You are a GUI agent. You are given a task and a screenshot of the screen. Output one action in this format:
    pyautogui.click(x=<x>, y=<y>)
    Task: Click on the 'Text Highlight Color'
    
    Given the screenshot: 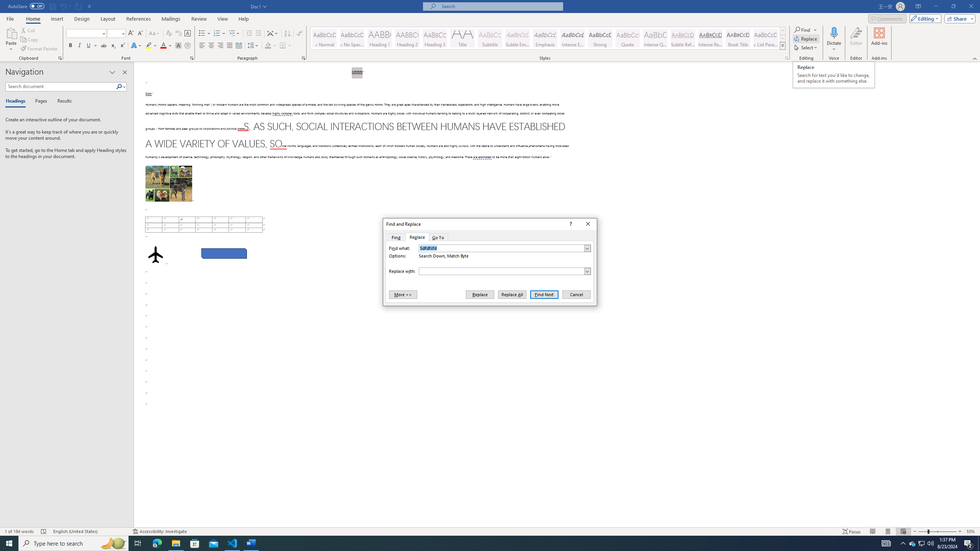 What is the action you would take?
    pyautogui.click(x=151, y=45)
    